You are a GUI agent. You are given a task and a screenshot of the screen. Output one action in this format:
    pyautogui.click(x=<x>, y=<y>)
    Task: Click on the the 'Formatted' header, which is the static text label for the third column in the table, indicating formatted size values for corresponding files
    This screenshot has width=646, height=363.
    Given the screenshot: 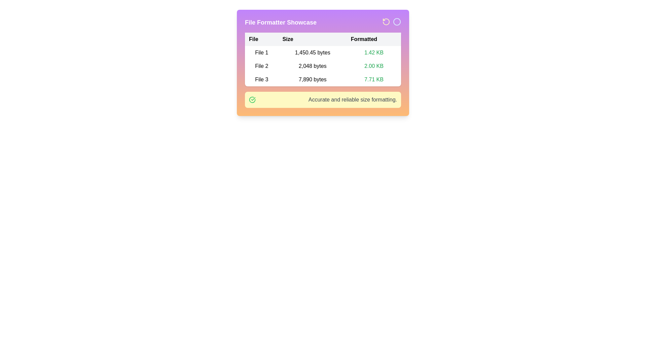 What is the action you would take?
    pyautogui.click(x=373, y=39)
    